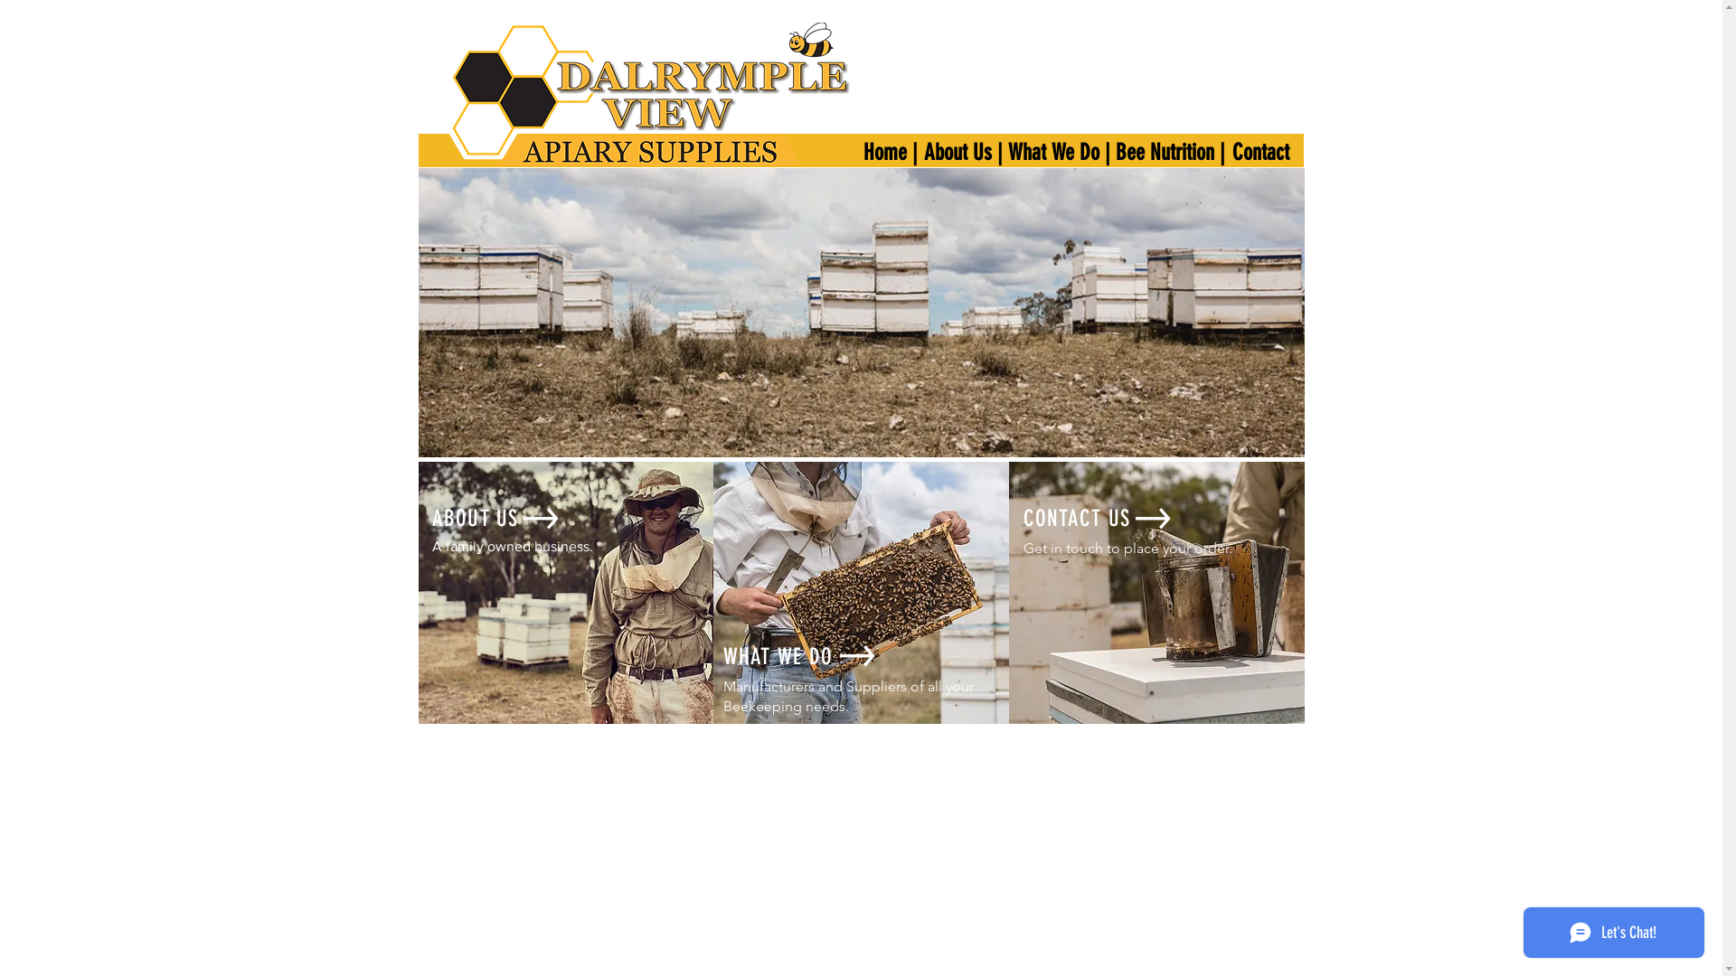 The image size is (1736, 976). Describe the element at coordinates (962, 151) in the screenshot. I see `'About Us |'` at that location.